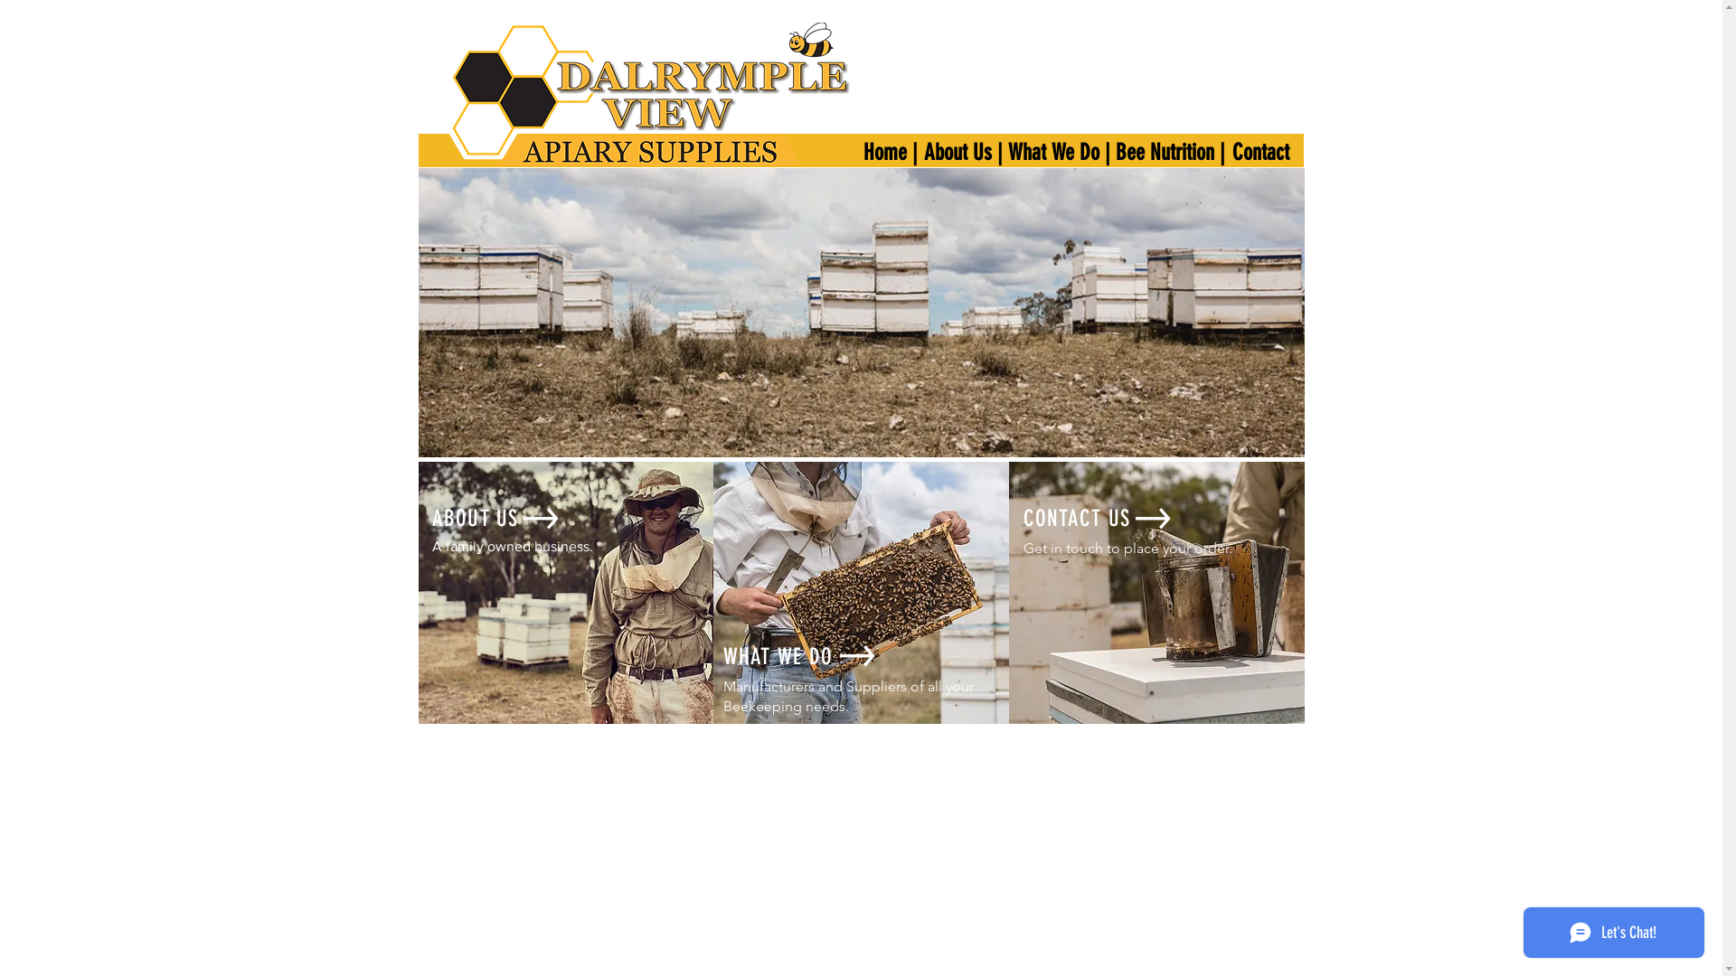 The image size is (1736, 976). Describe the element at coordinates (962, 151) in the screenshot. I see `'About Us |'` at that location.